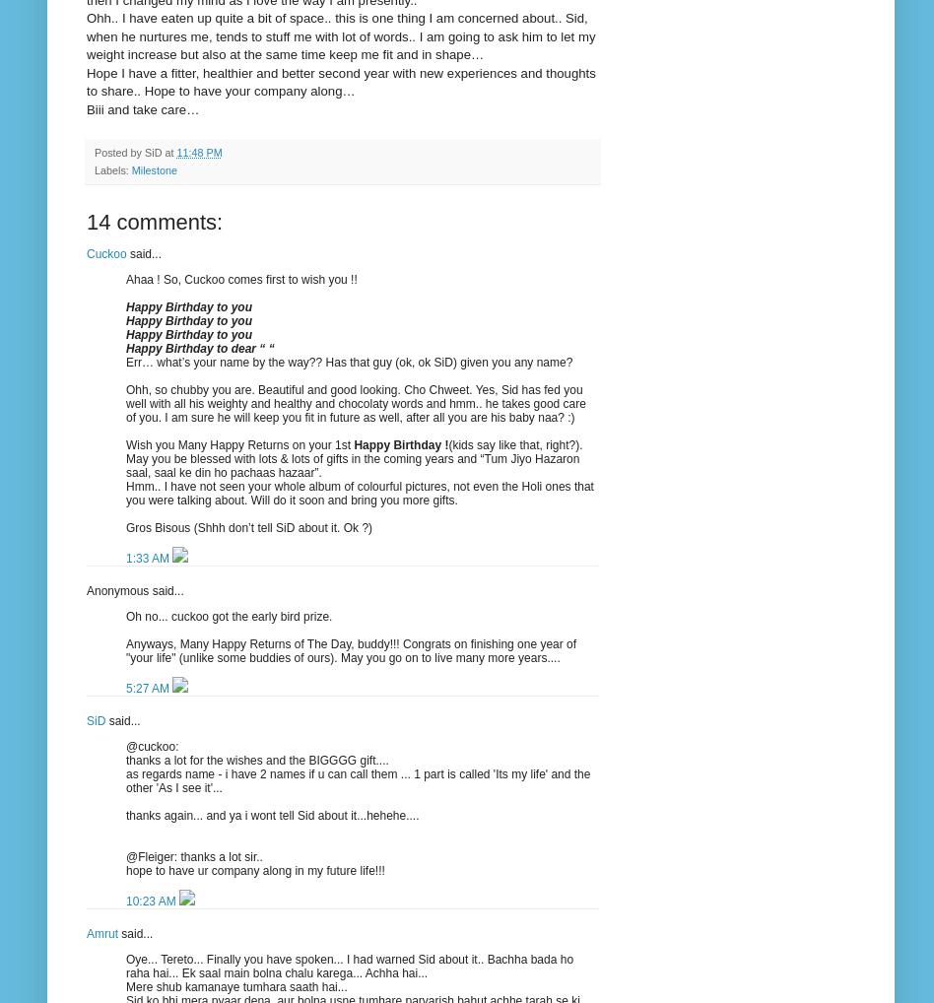 The width and height of the screenshot is (934, 1003). I want to click on 'Happy Birthday to dear “   “', so click(198, 347).